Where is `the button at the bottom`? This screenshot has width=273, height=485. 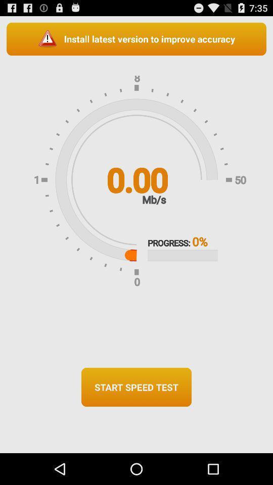 the button at the bottom is located at coordinates (136, 386).